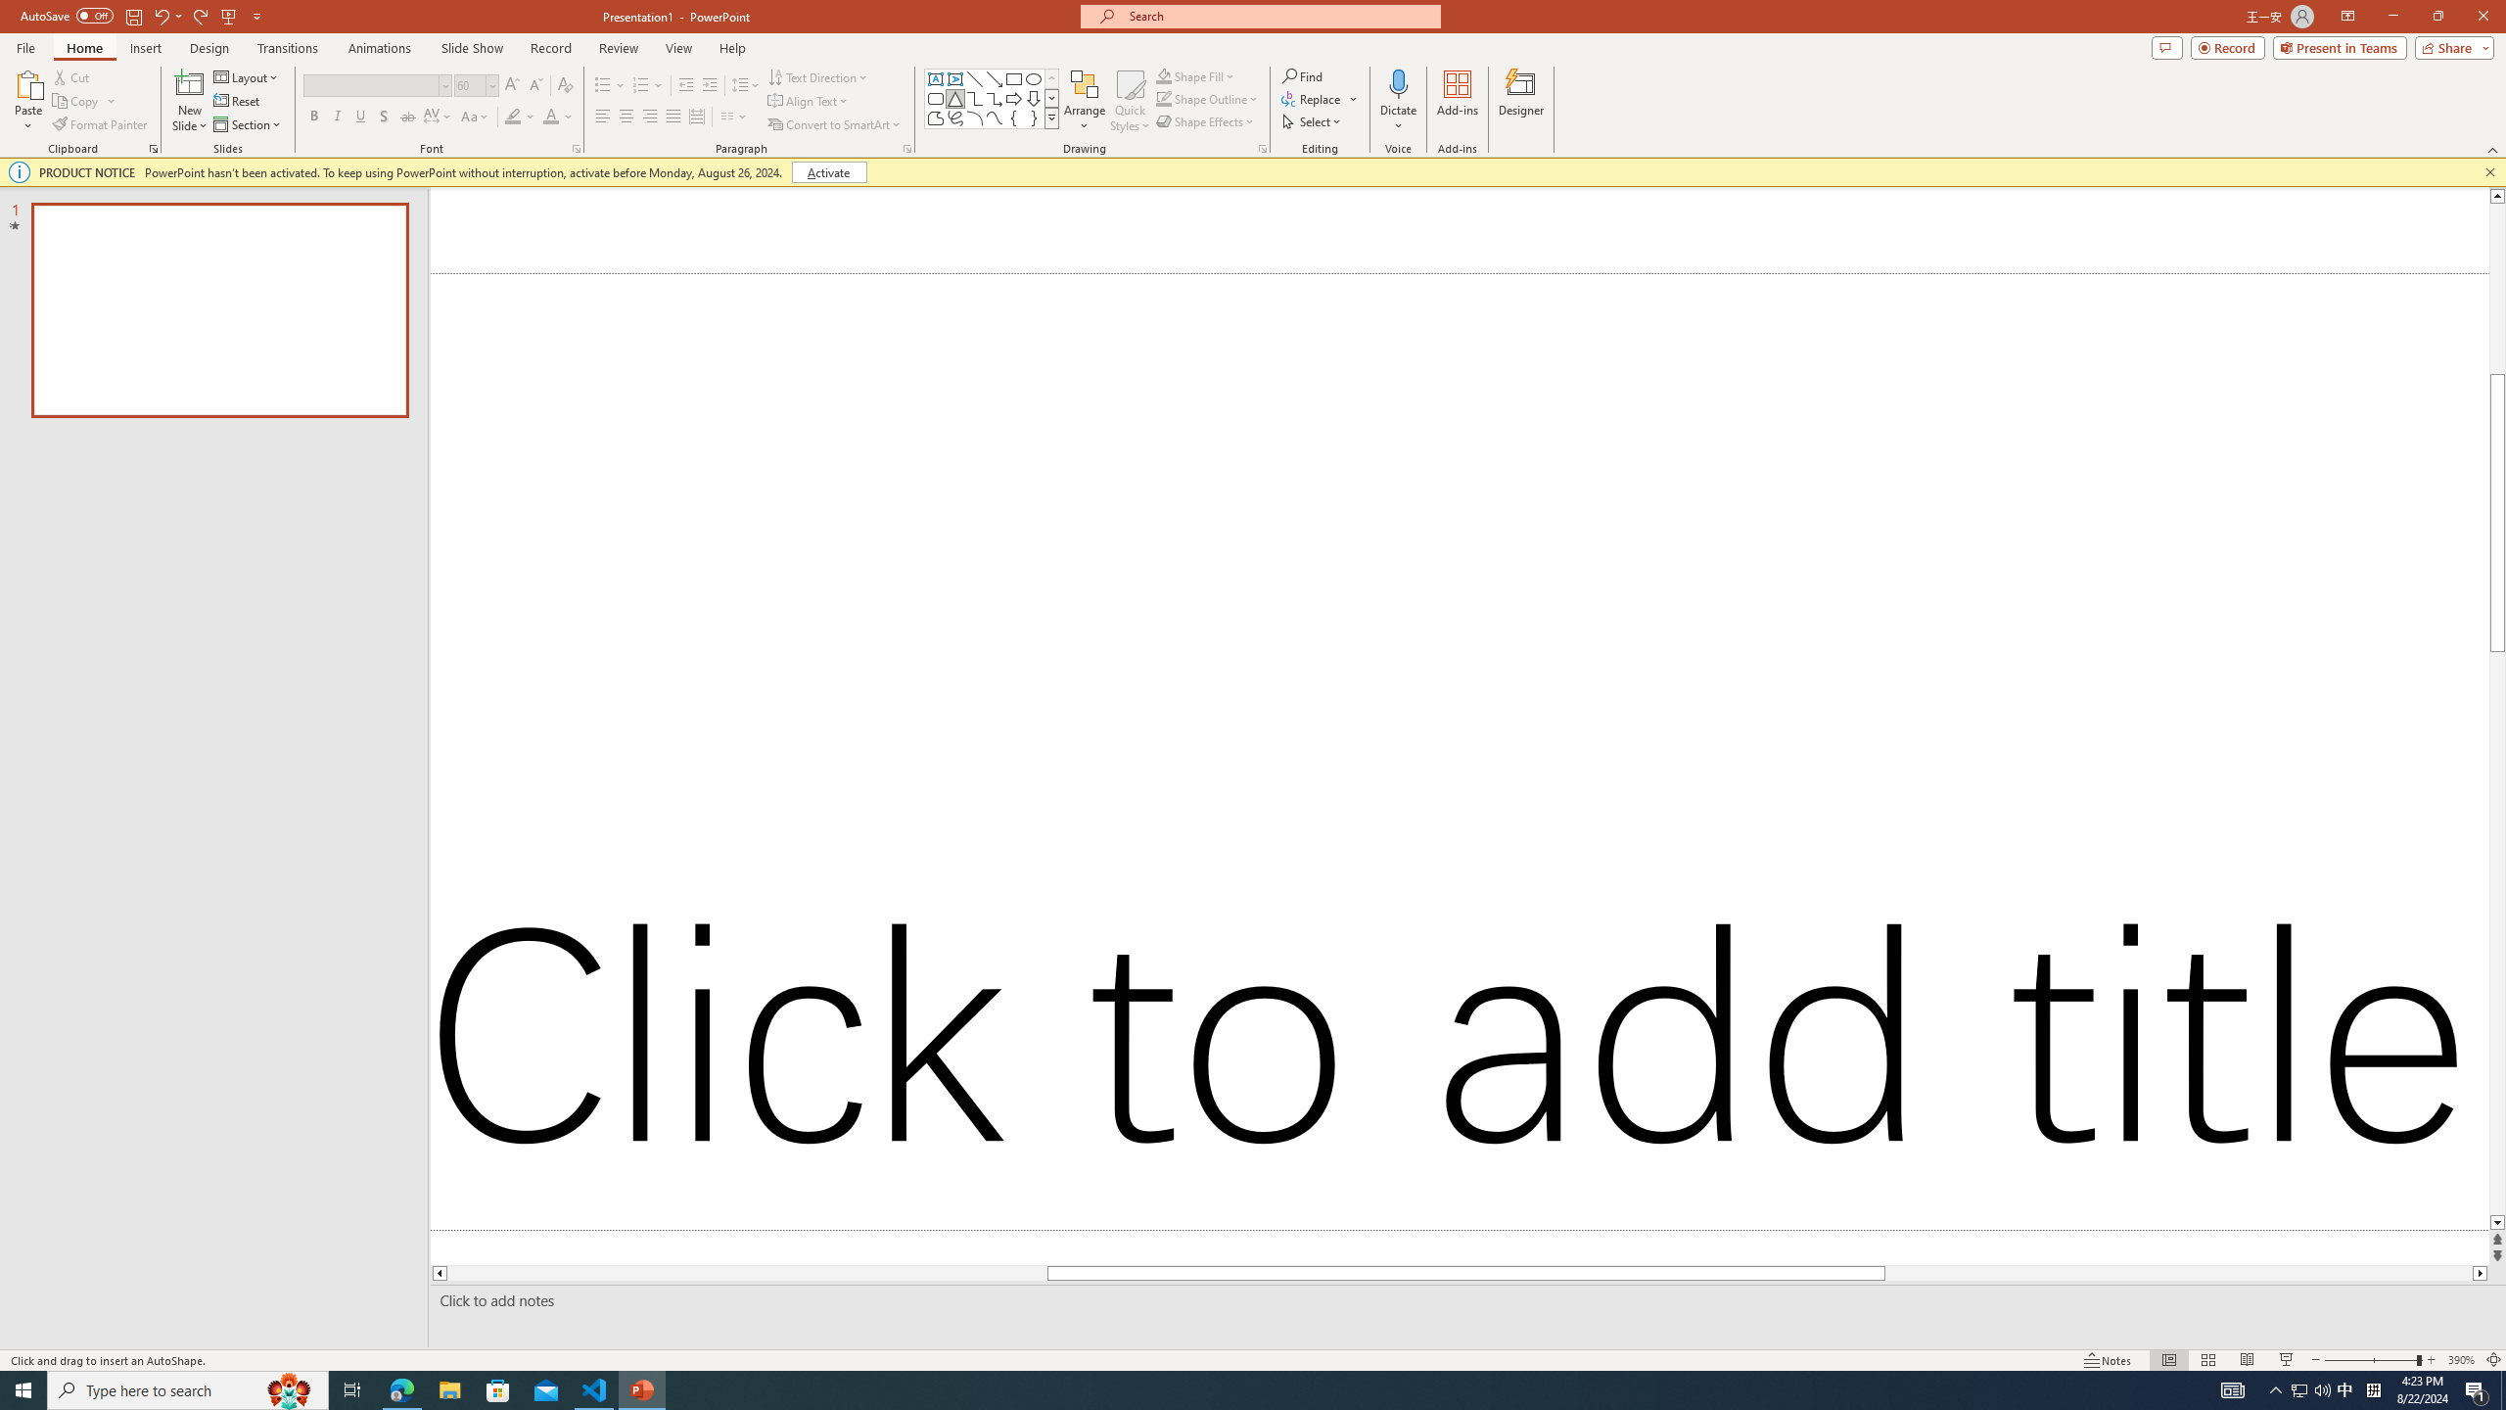 This screenshot has width=2506, height=1410. I want to click on 'Strikethrough', so click(407, 116).